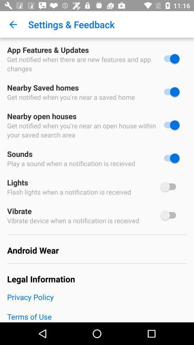  I want to click on lights switch, so click(170, 186).